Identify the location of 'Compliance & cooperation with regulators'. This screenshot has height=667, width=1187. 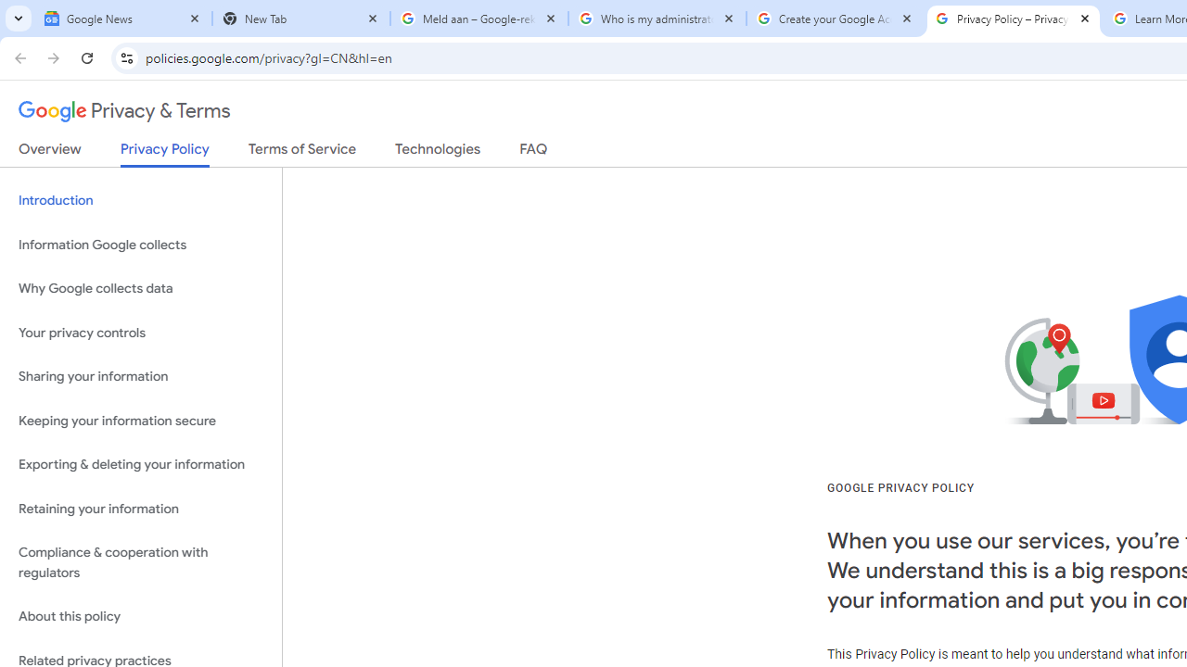
(140, 562).